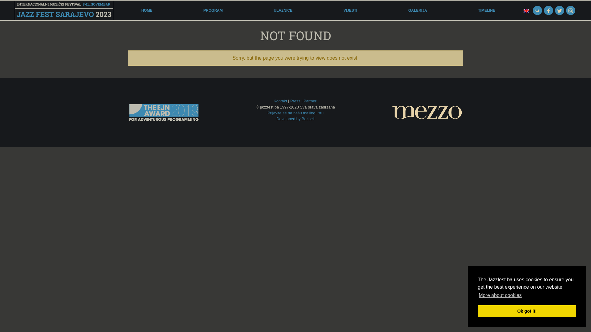 This screenshot has width=591, height=332. I want to click on 'PROGRAM', so click(213, 10).